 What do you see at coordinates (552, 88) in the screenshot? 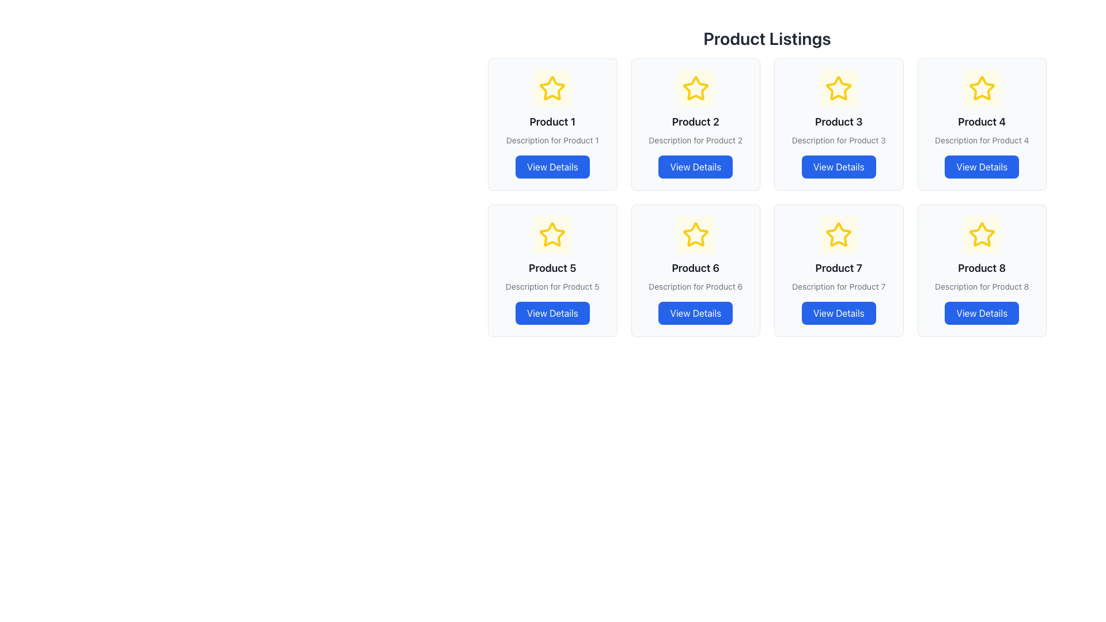
I see `the visual indicator icon in the top-left corner of the first product card in the product listing grid` at bounding box center [552, 88].